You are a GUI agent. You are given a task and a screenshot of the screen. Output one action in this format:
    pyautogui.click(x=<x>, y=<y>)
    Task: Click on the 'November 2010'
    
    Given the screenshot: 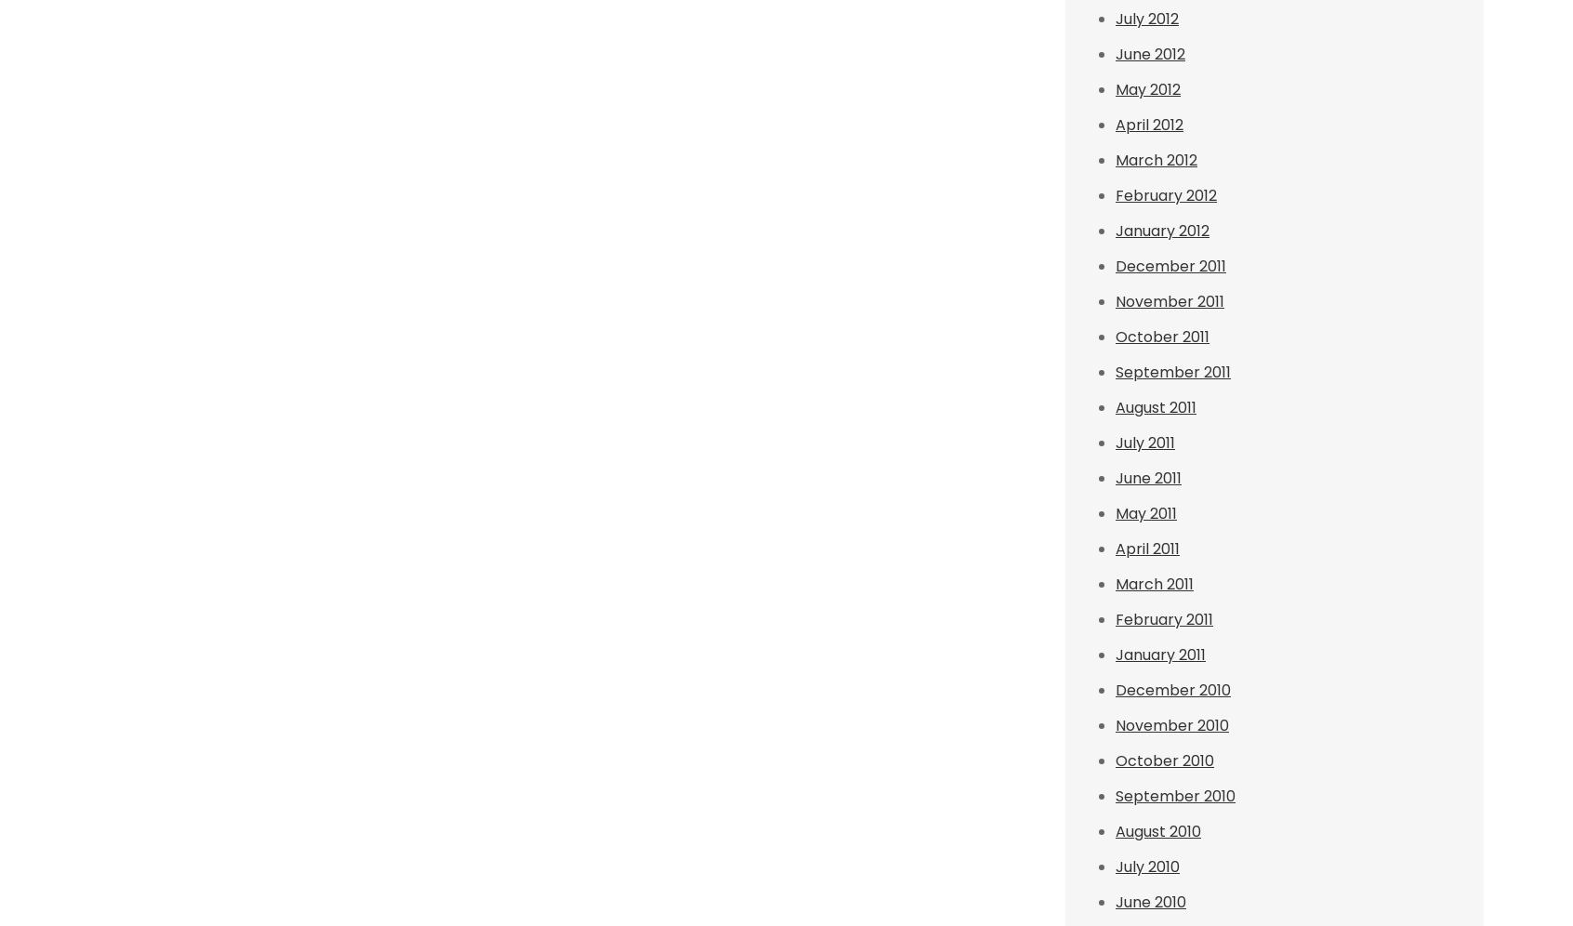 What is the action you would take?
    pyautogui.click(x=1172, y=725)
    